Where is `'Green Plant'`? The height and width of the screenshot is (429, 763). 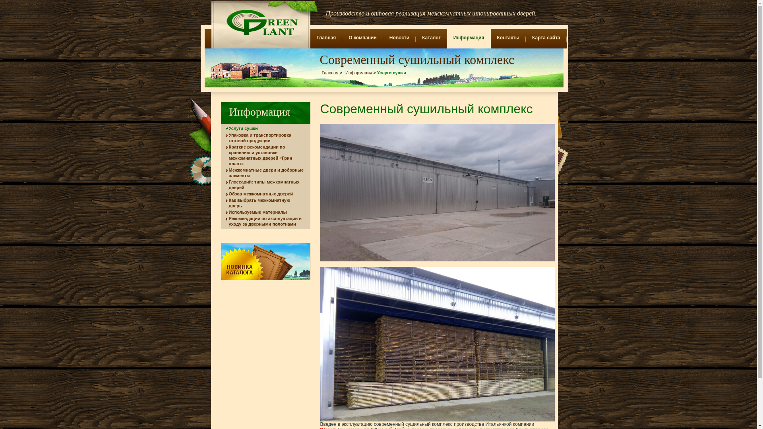 'Green Plant' is located at coordinates (261, 22).